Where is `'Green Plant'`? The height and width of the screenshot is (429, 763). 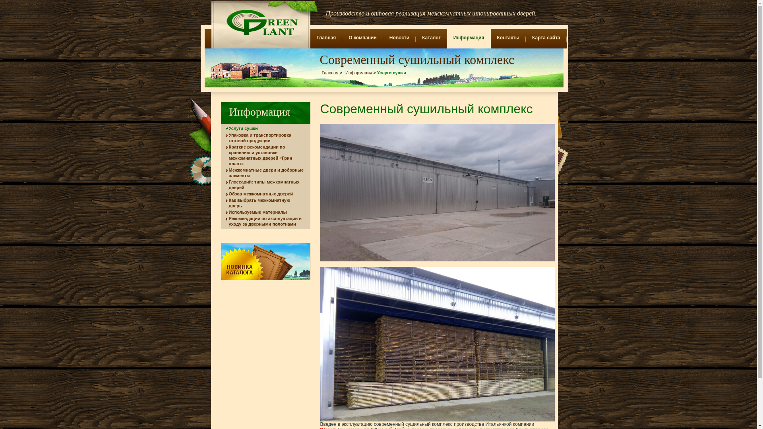 'Green Plant' is located at coordinates (261, 22).